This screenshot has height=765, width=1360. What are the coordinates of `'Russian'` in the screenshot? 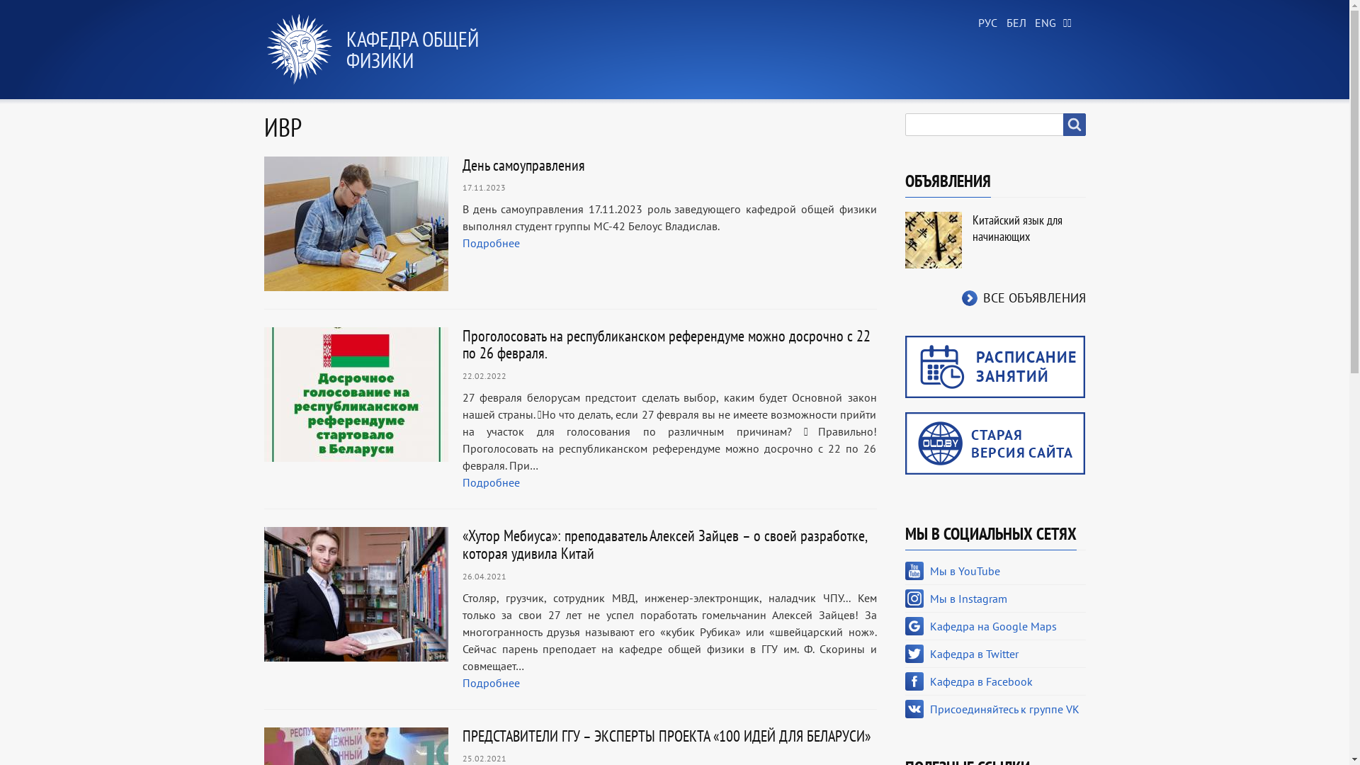 It's located at (985, 23).